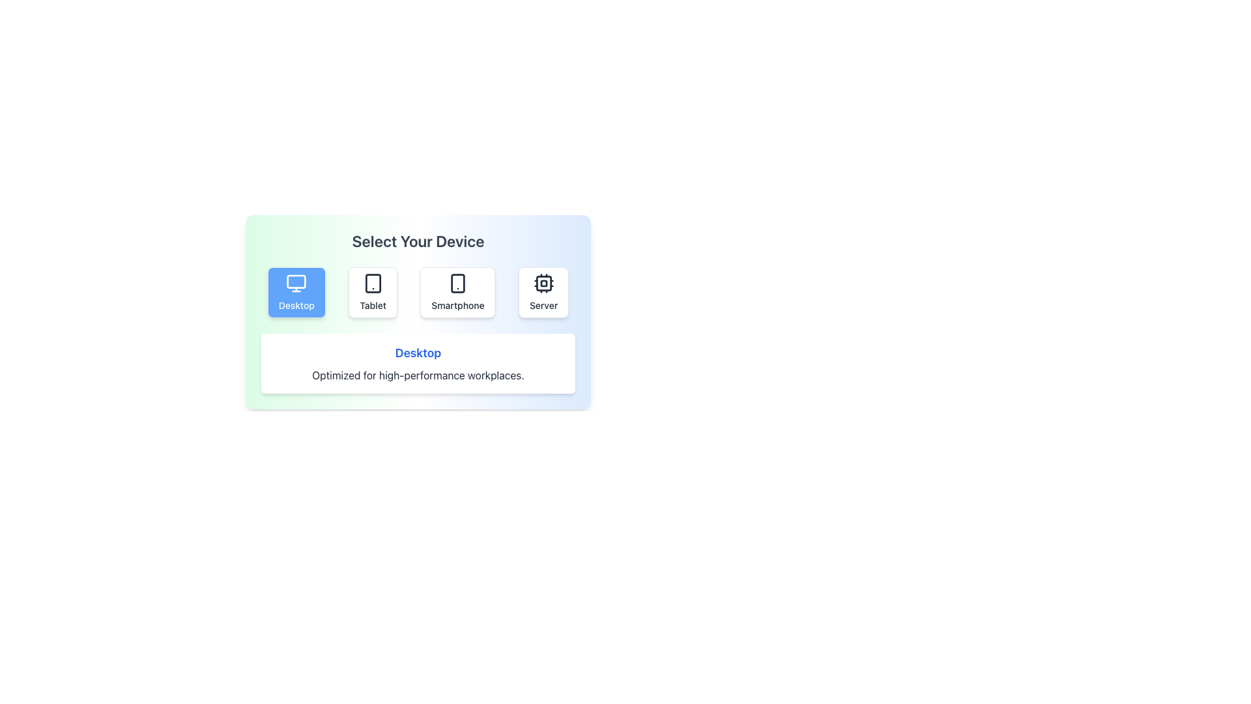  What do you see at coordinates (457, 291) in the screenshot?
I see `the rectangular button with a rounded border labeled 'Smartphone'` at bounding box center [457, 291].